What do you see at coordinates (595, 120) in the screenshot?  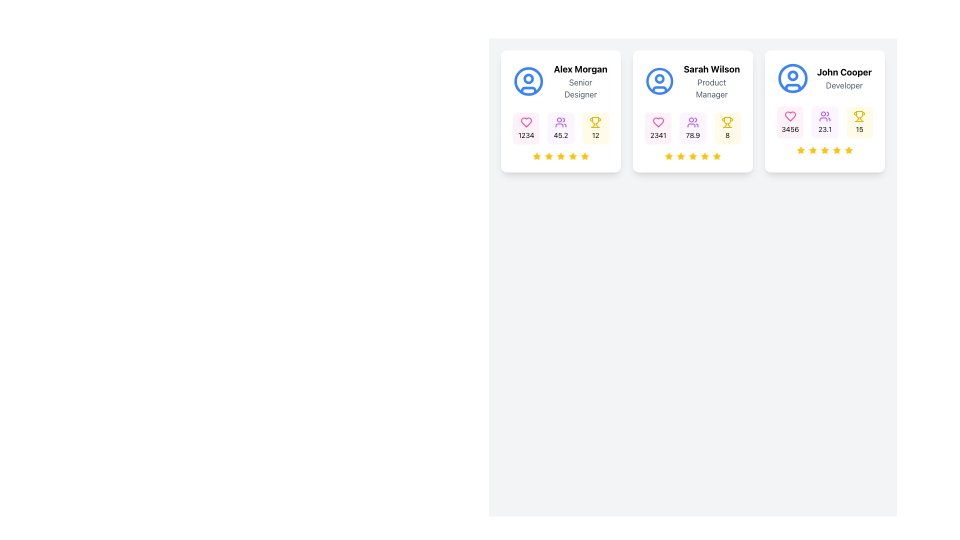 I see `the trophy cup icon, which is a yellow-filled vector graphic located in the center of the second row of the second card in a group of three horizontally aligned cards` at bounding box center [595, 120].